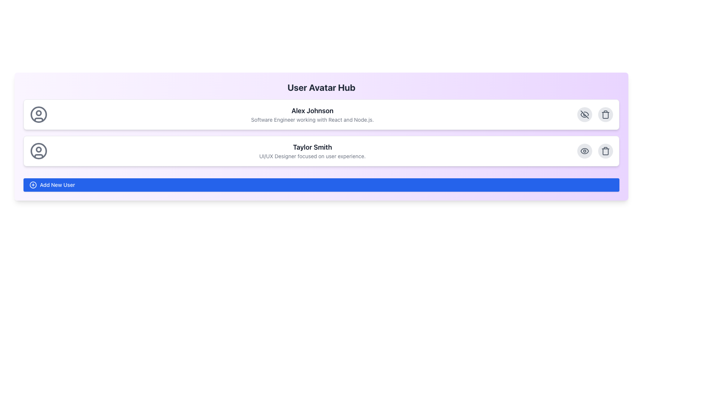 The width and height of the screenshot is (716, 402). I want to click on the static text label that displays the user's name, which is positioned above the description text 'Software Engineer working with React and Node.js.', so click(313, 111).